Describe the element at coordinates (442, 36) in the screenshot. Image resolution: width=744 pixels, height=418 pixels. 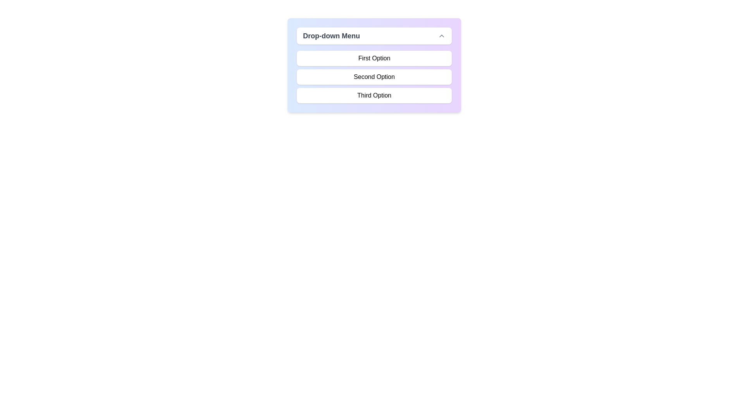
I see `the toggle-control button located at the top-right corner of the white rounded-rectangle header labeled 'Drop-down Menu'` at that location.